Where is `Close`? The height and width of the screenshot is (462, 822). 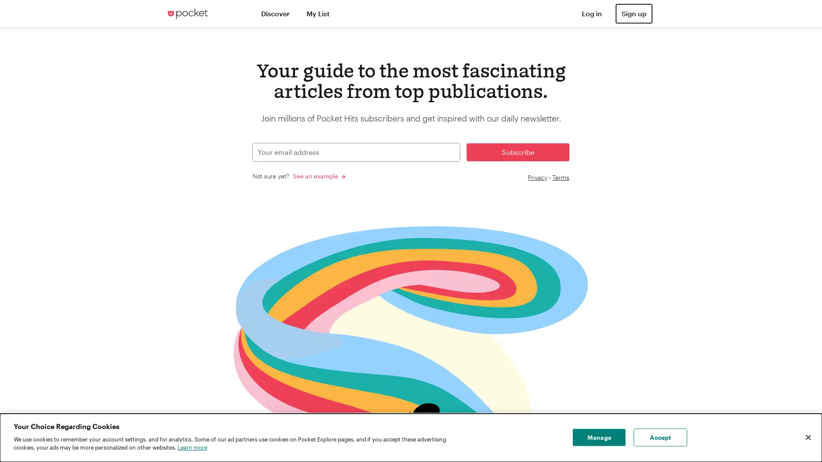 Close is located at coordinates (807, 437).